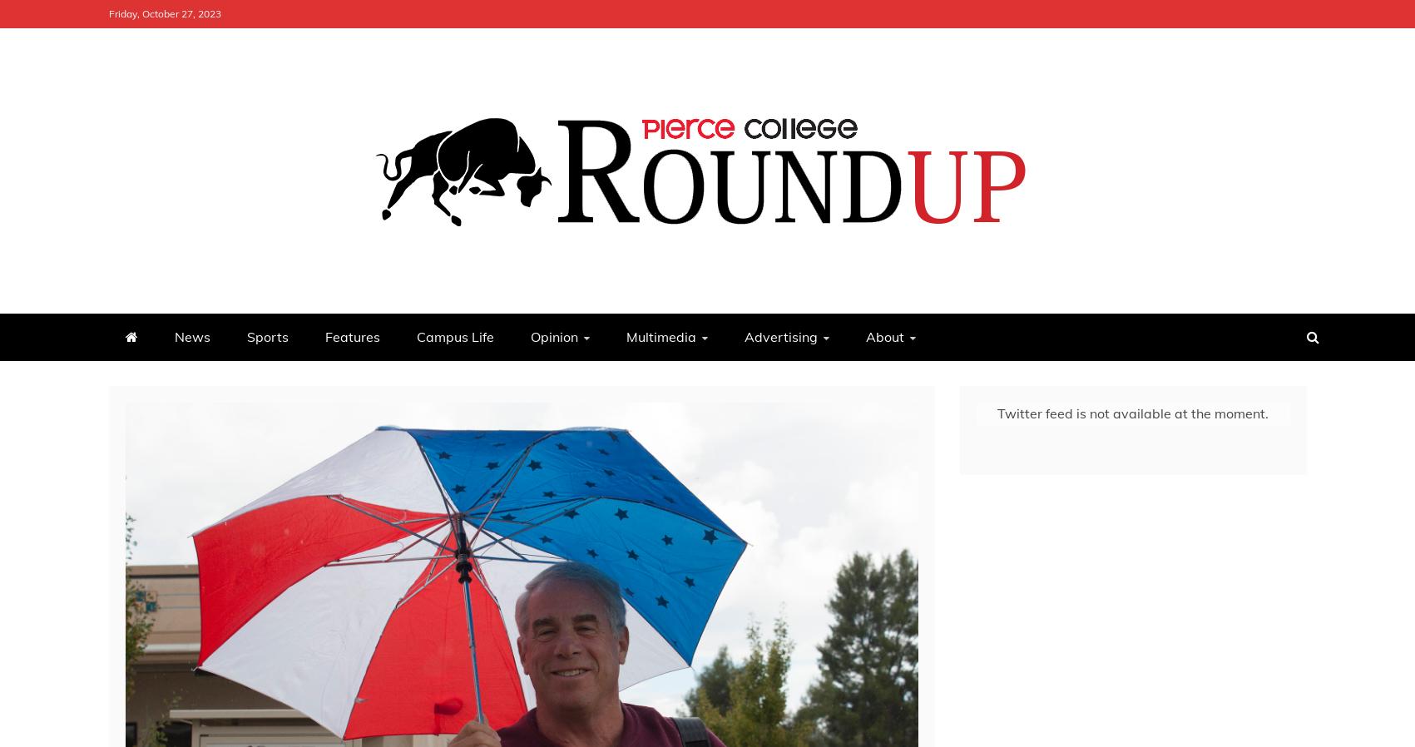  I want to click on 'Campus Life', so click(415, 336).